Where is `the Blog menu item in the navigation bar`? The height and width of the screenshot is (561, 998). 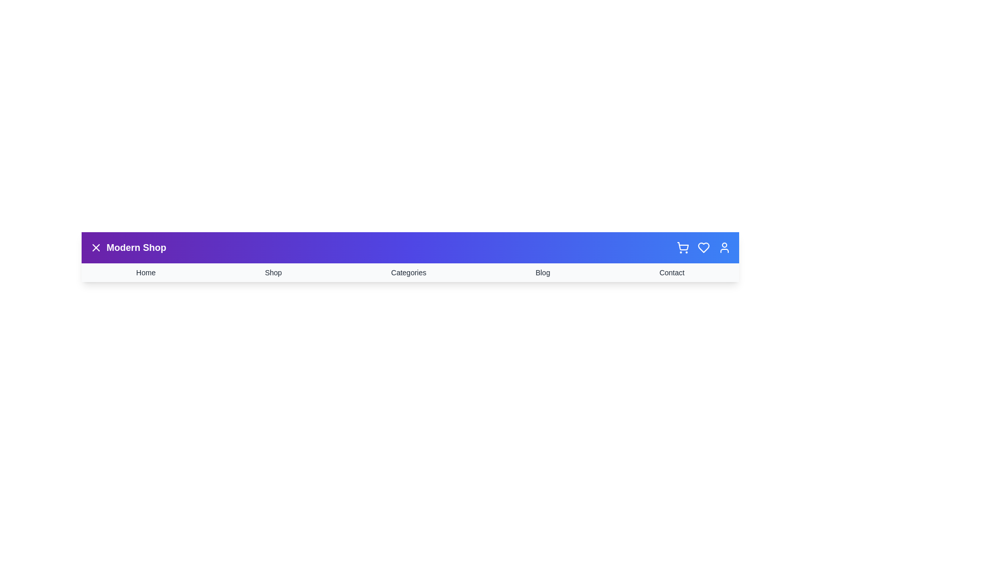
the Blog menu item in the navigation bar is located at coordinates (542, 272).